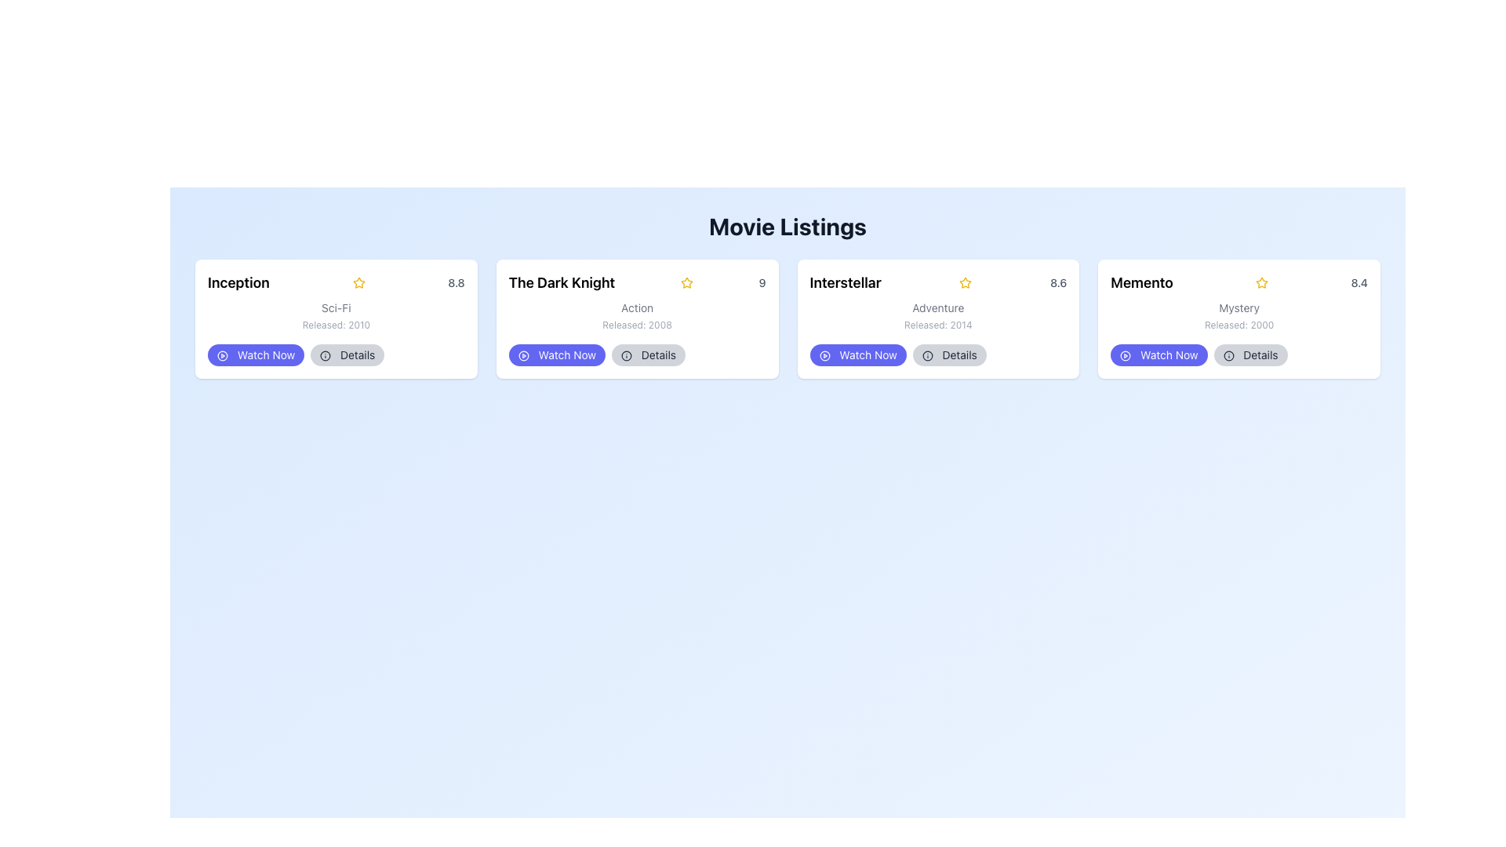  Describe the element at coordinates (523, 356) in the screenshot. I see `the circle icon within the SVG graphic of the play button associated with the 'Watch Now' button for 'The Dark Knight' movie card to initiate playback` at that location.